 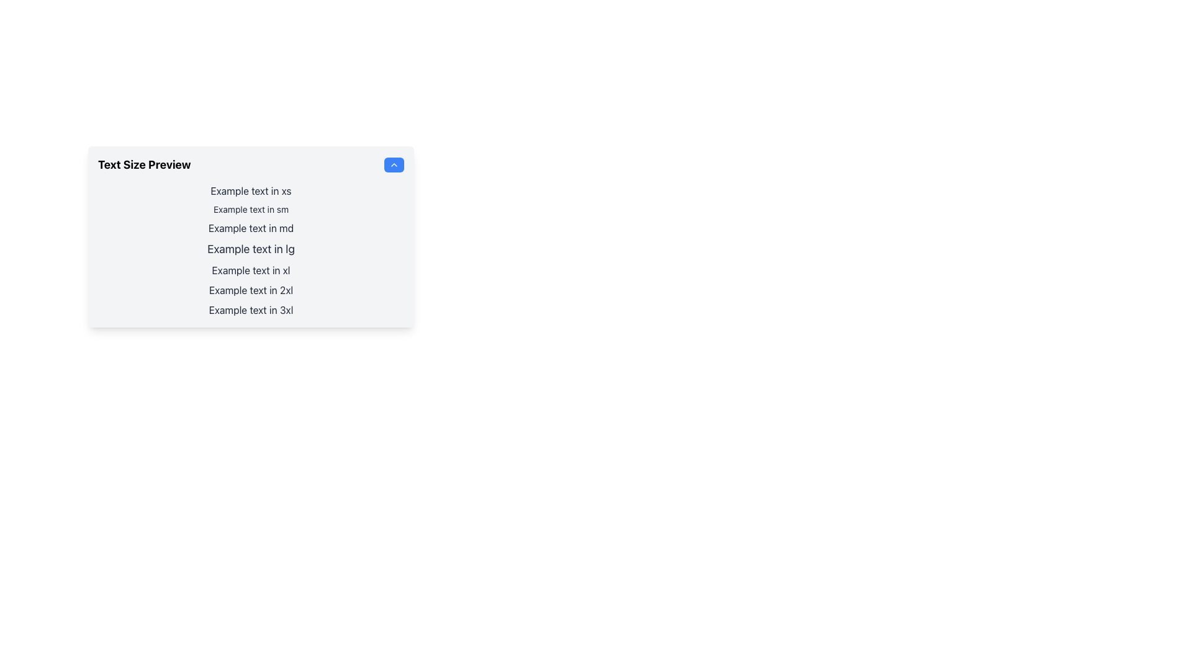 I want to click on the text sample at the top of the list for copying, which is represented using a specific font size and is the first item in a vertically stacked list of seven elements, so click(x=250, y=191).